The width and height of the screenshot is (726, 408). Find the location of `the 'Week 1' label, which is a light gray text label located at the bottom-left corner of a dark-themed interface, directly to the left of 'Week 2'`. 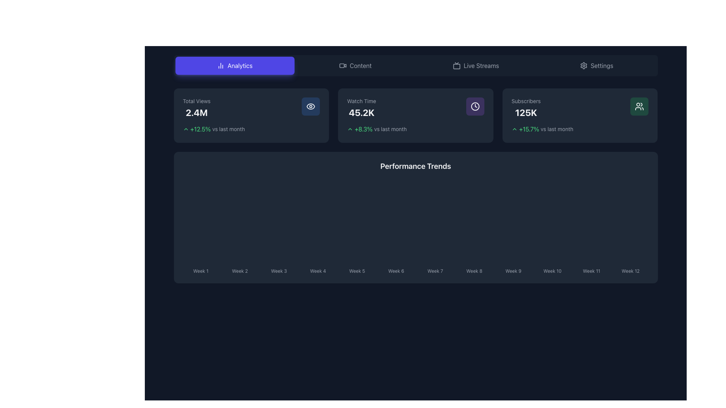

the 'Week 1' label, which is a light gray text label located at the bottom-left corner of a dark-themed interface, directly to the left of 'Week 2' is located at coordinates (201, 270).